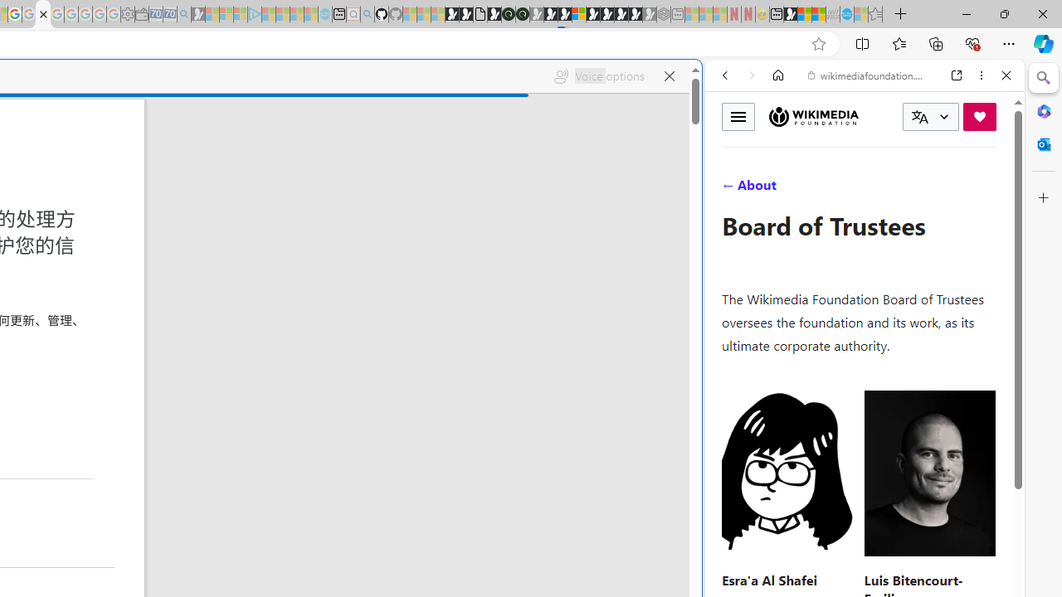 This screenshot has height=597, width=1062. Describe the element at coordinates (867, 75) in the screenshot. I see `'wikimediafoundation.org'` at that location.